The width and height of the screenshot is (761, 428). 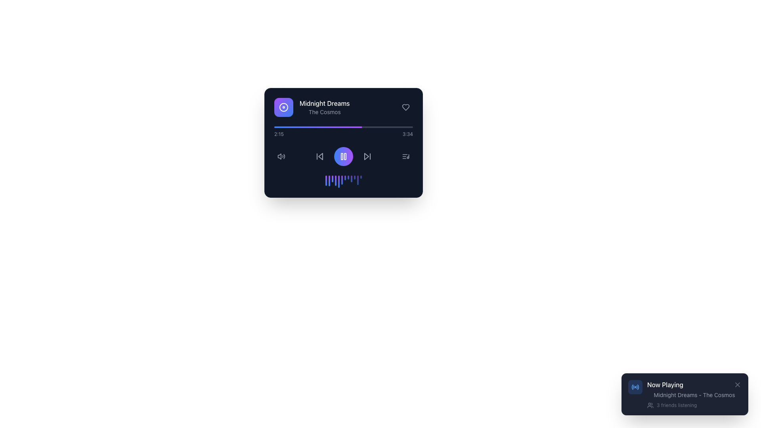 I want to click on the heart-shaped icon embedded within the clickable button in the top-right corner of the music playback control interface, so click(x=405, y=107).